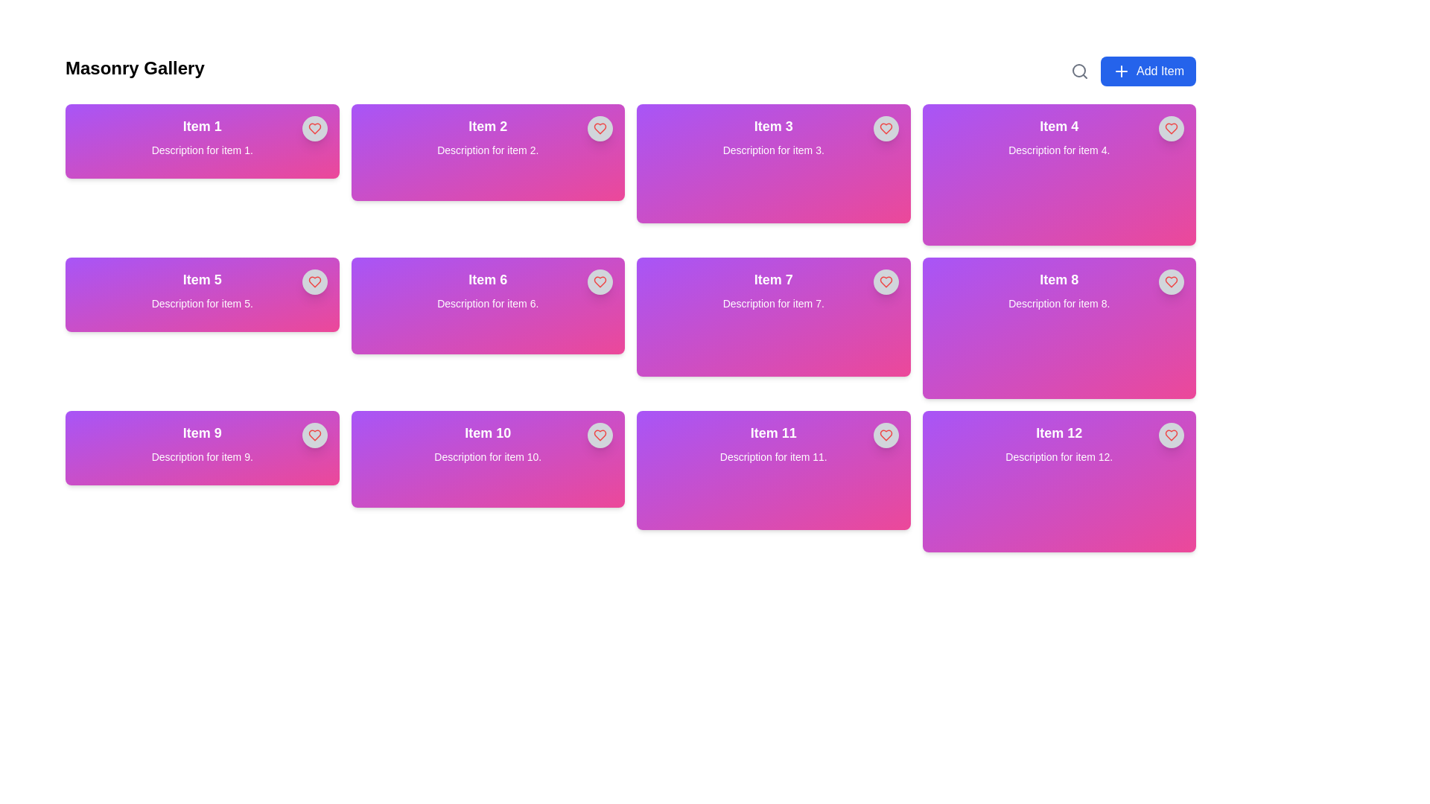 The image size is (1430, 804). I want to click on the text label that displays the title of the item in the first card of the gallery, which is centrally aligned above the description text, so click(201, 125).